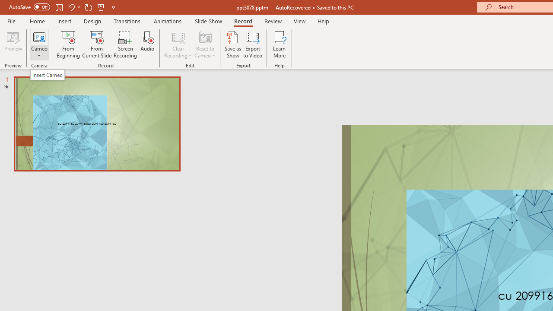  What do you see at coordinates (47, 74) in the screenshot?
I see `'Insert Cameo'` at bounding box center [47, 74].